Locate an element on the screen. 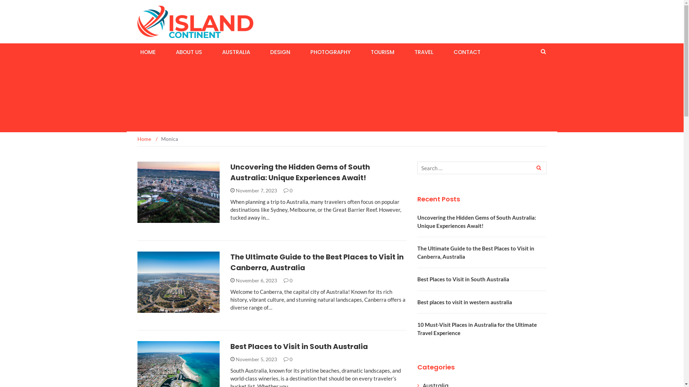  'Home' is located at coordinates (144, 139).